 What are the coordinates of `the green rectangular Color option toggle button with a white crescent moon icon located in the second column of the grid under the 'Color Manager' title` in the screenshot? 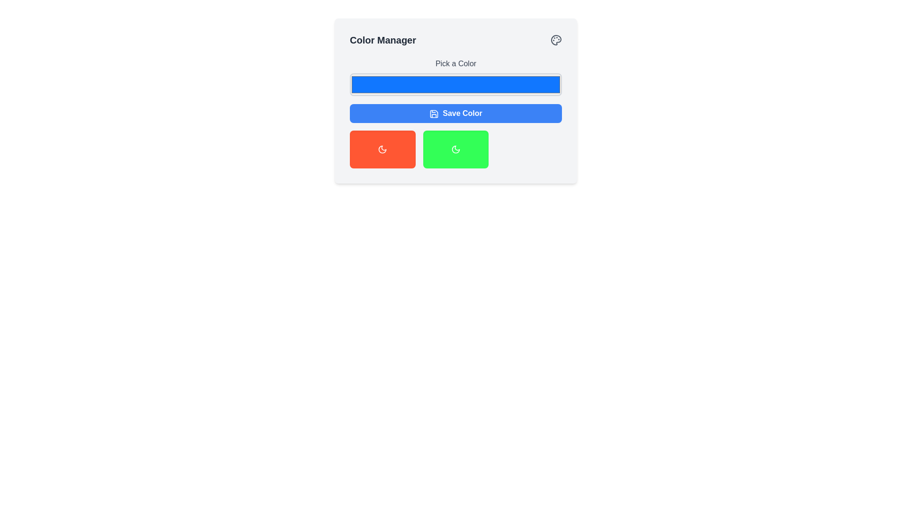 It's located at (456, 149).